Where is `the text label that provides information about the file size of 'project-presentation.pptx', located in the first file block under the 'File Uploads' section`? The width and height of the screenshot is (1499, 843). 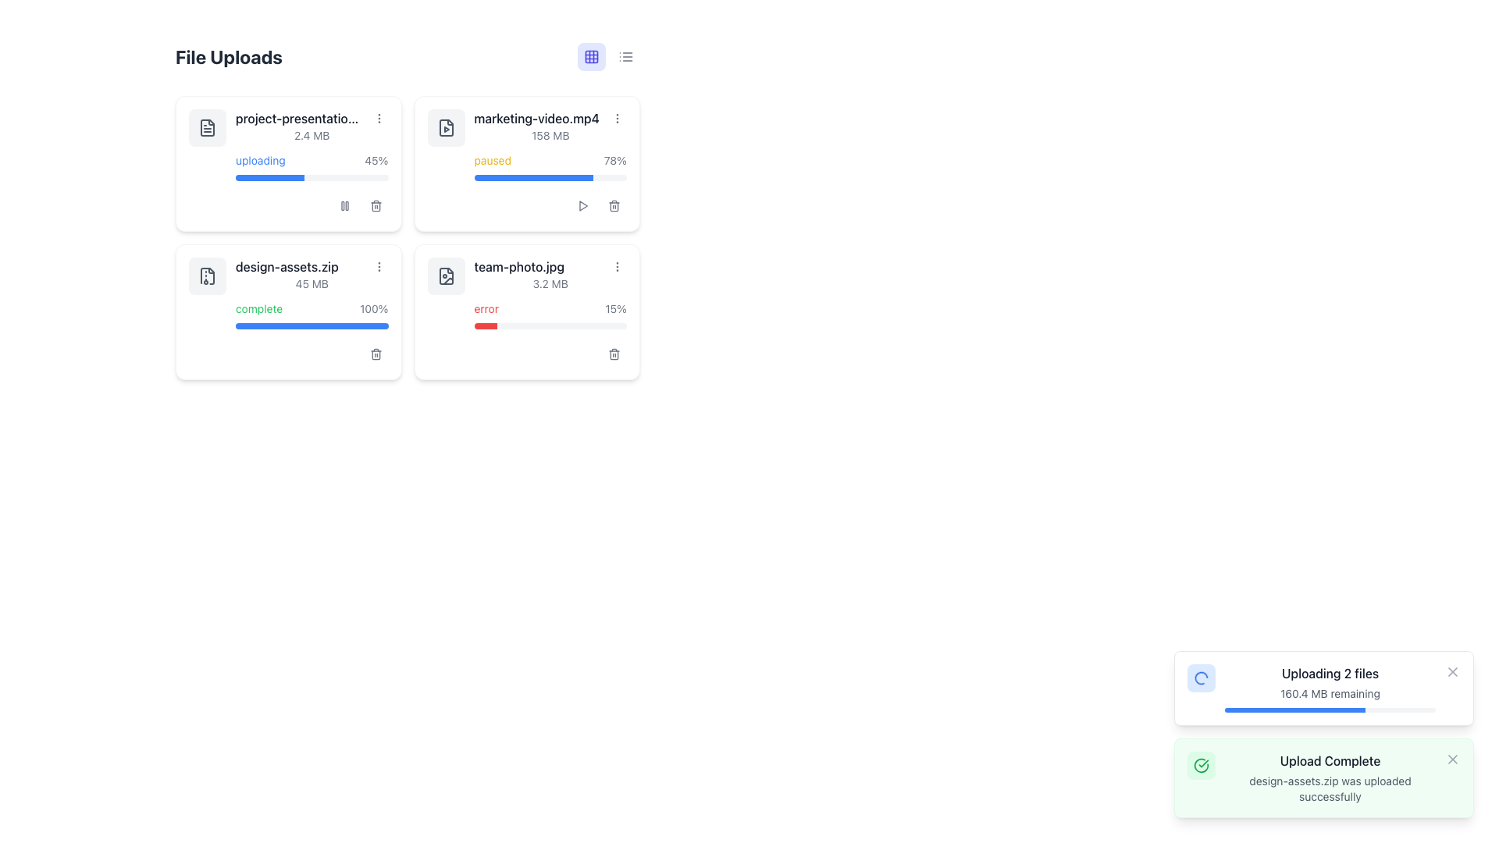 the text label that provides information about the file size of 'project-presentation.pptx', located in the first file block under the 'File Uploads' section is located at coordinates (312, 134).